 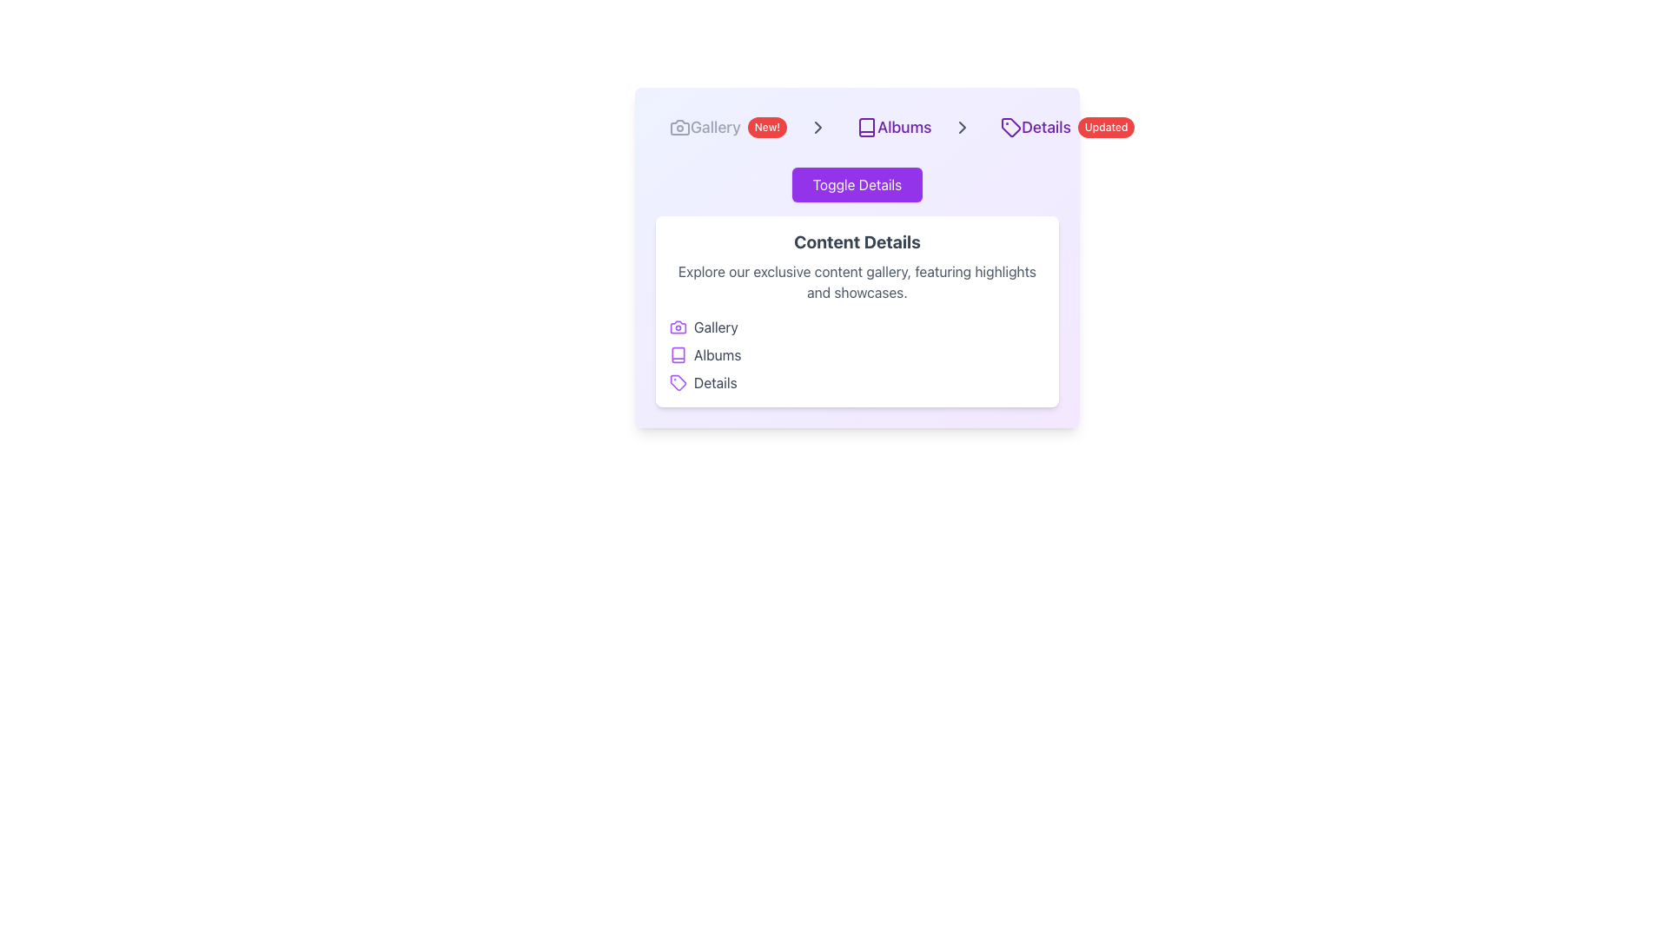 I want to click on the right-pointing chevron icon in the breadcrumb navigation bar, so click(x=817, y=126).